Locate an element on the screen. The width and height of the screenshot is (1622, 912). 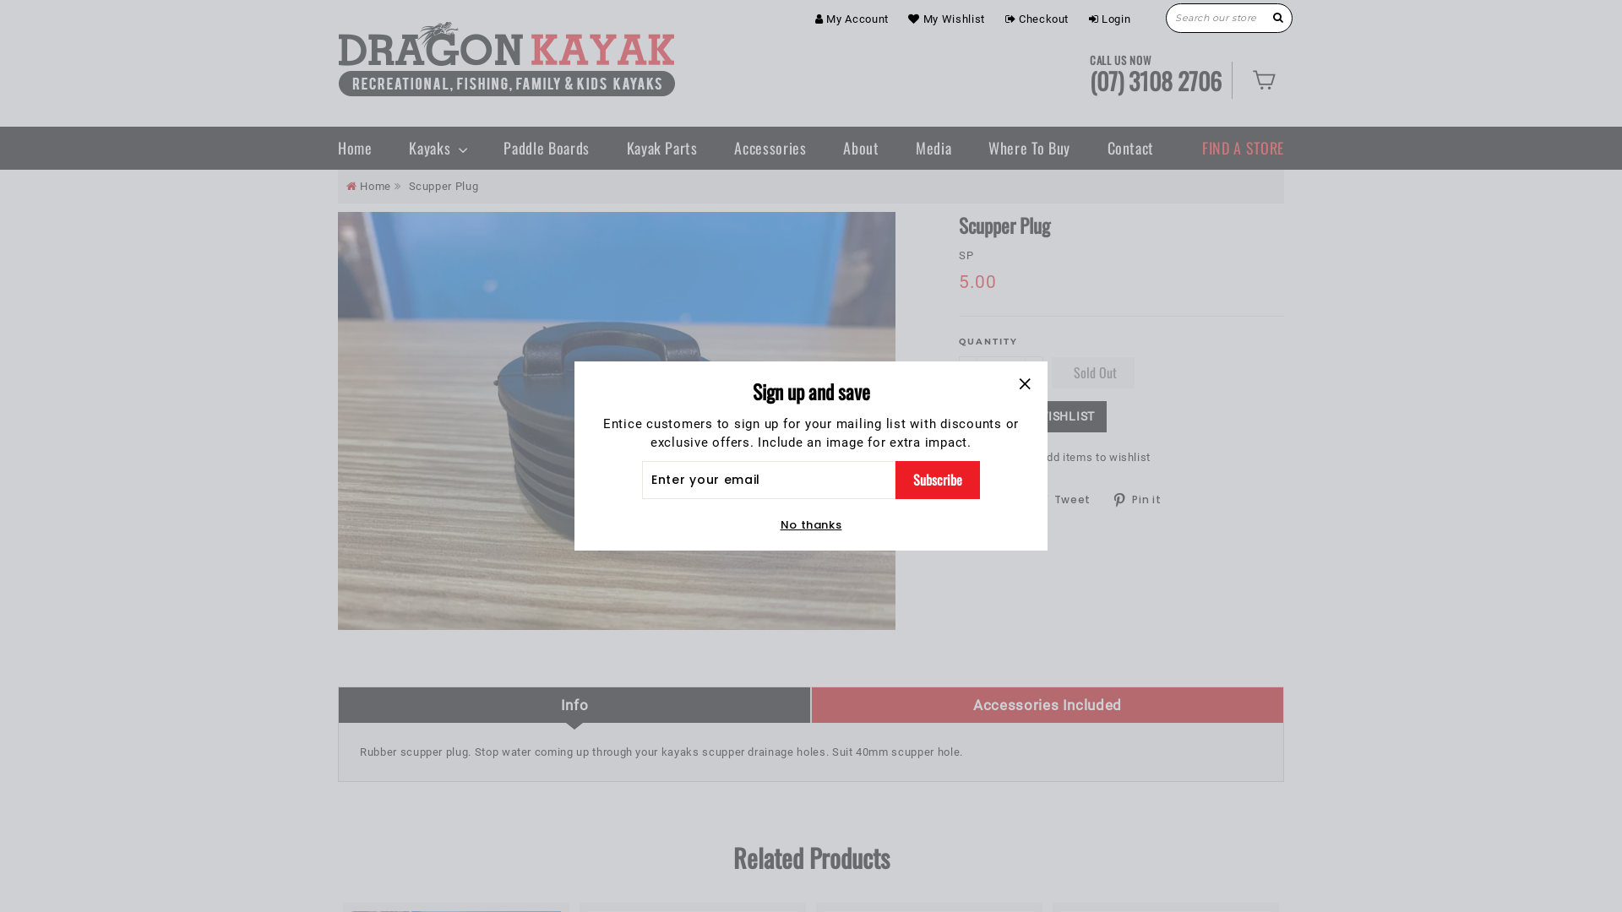
'Kayak Parts' is located at coordinates (661, 147).